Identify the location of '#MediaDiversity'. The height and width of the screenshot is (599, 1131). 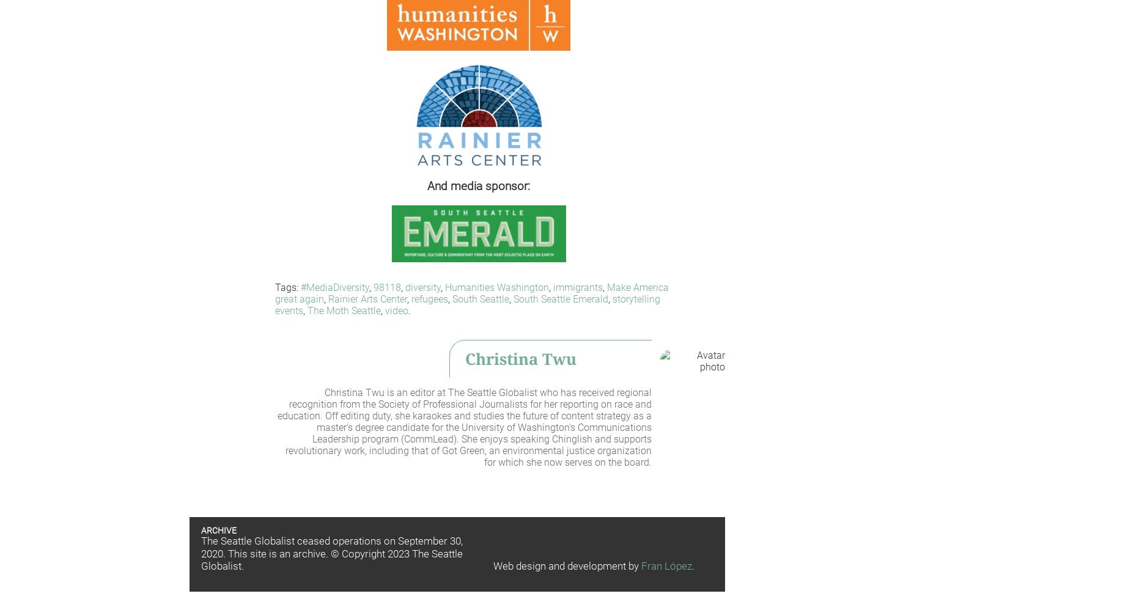
(300, 287).